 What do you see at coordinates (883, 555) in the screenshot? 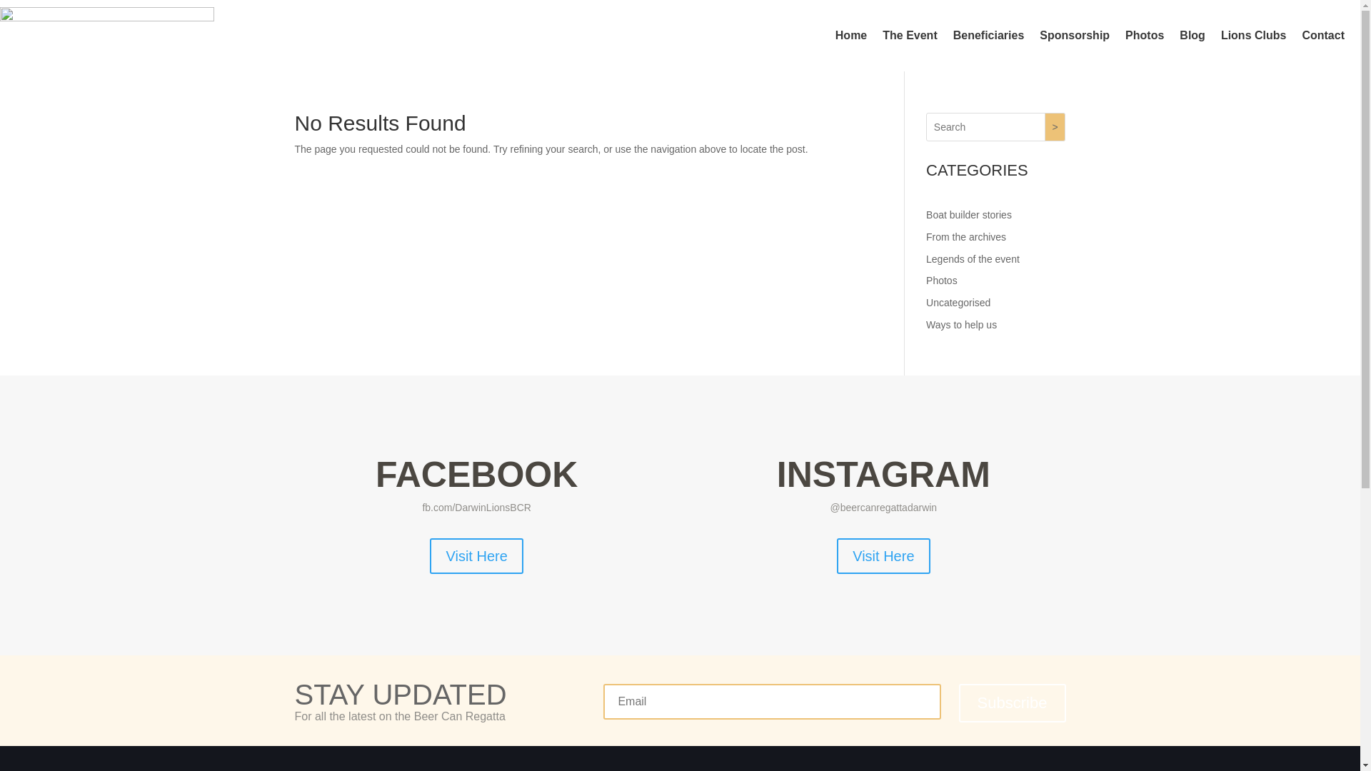
I see `'Visit Here'` at bounding box center [883, 555].